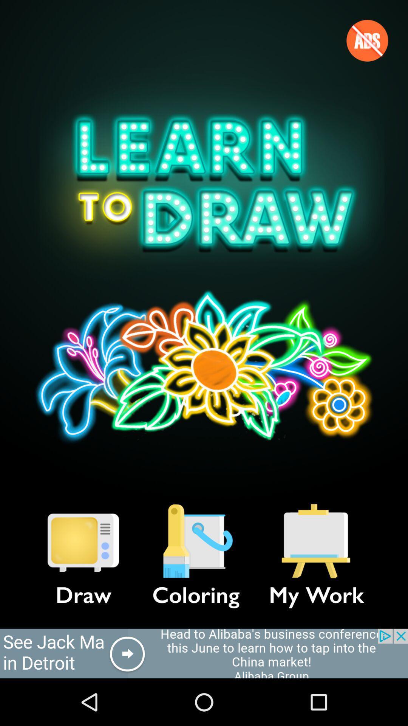 Image resolution: width=408 pixels, height=726 pixels. I want to click on item next to the coloring item, so click(83, 541).